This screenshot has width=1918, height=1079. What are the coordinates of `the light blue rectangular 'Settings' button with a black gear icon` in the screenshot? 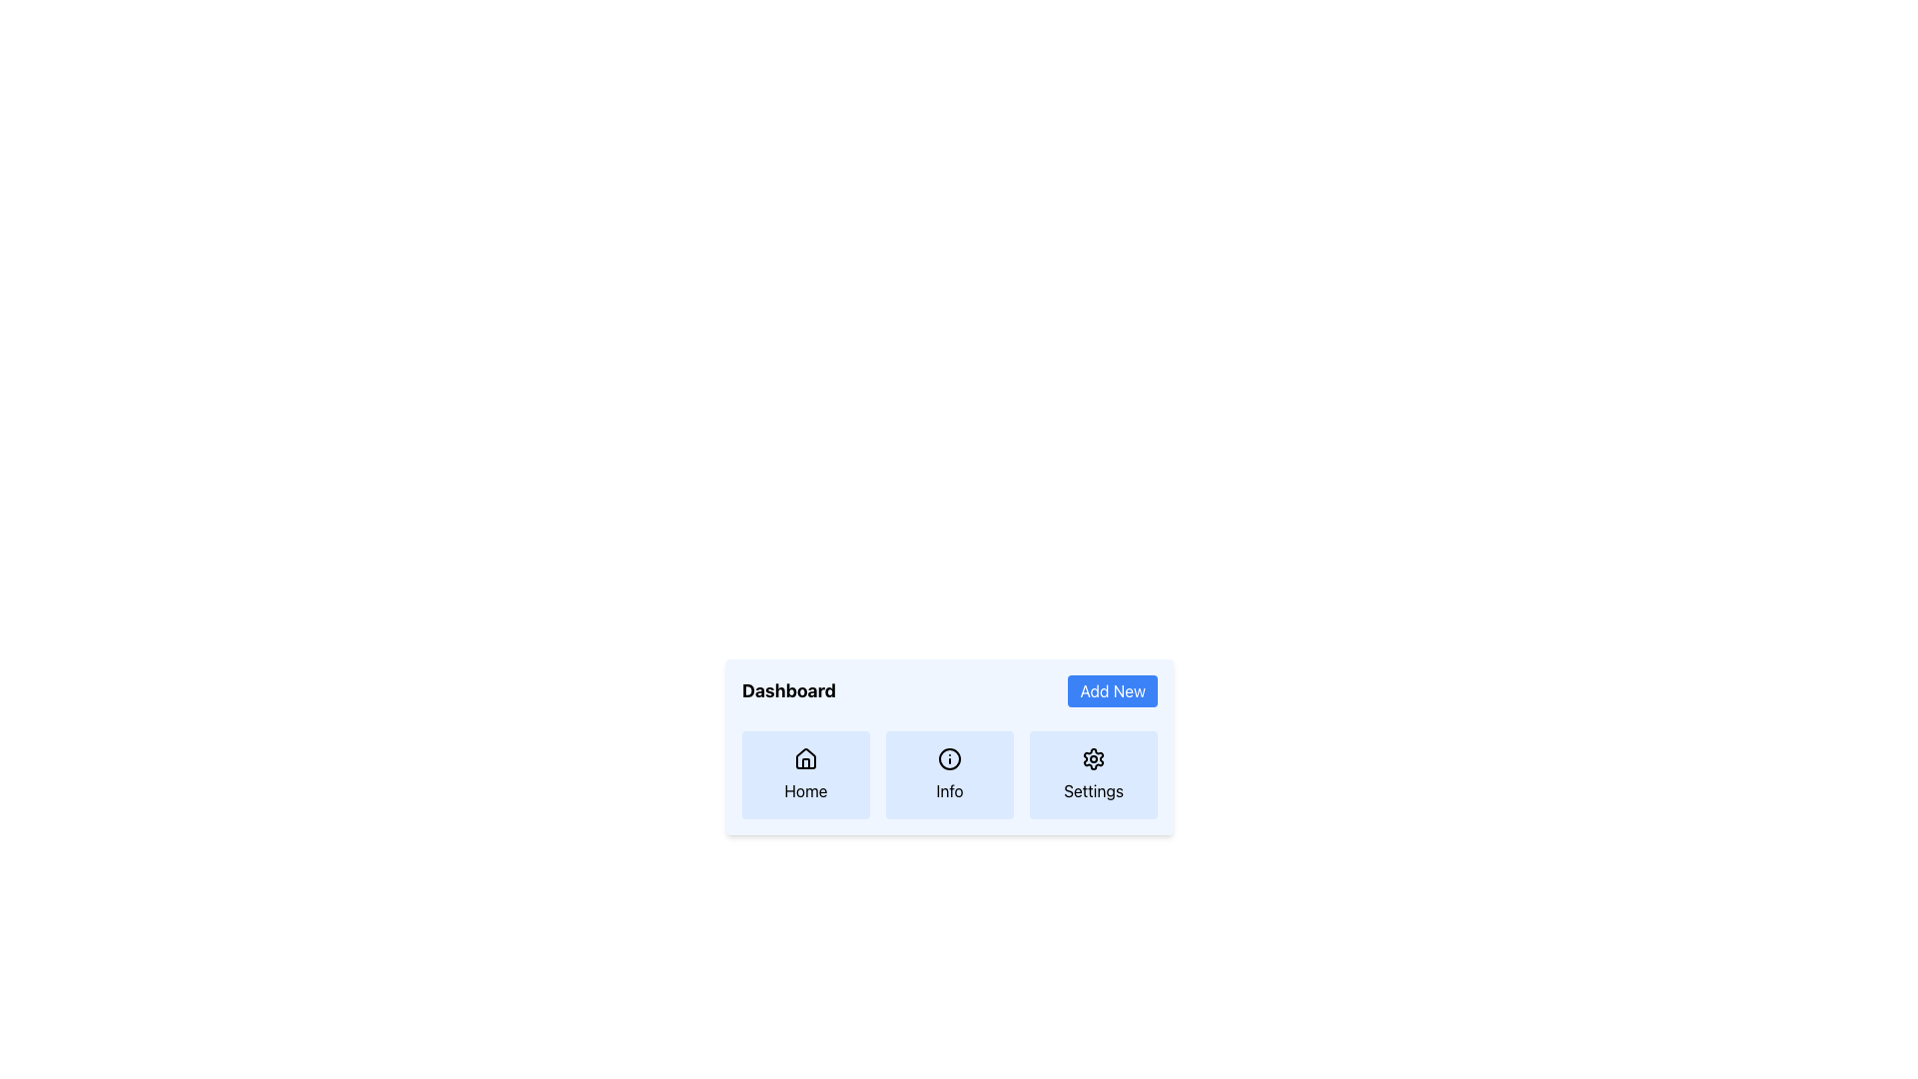 It's located at (1092, 773).